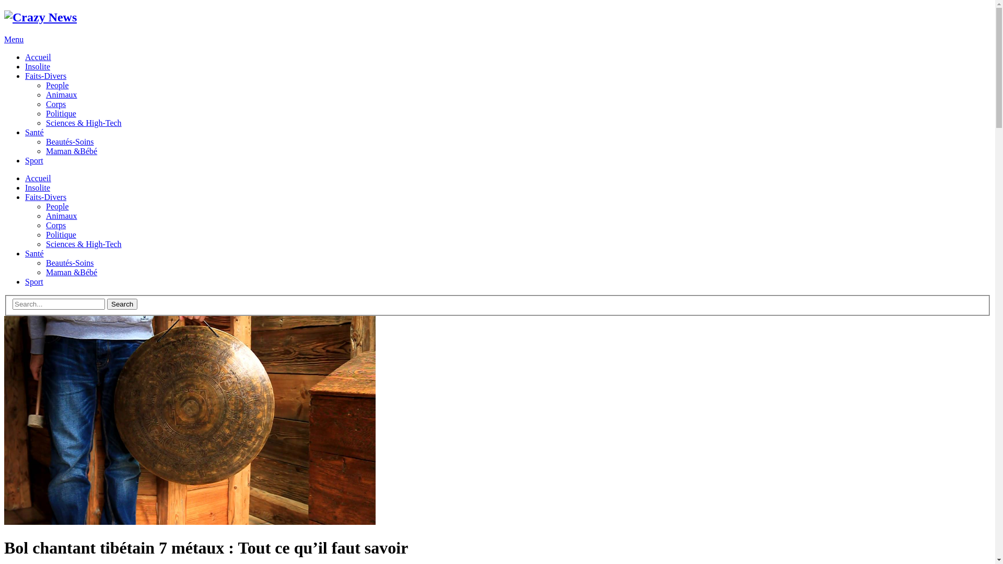 This screenshot has width=1003, height=564. Describe the element at coordinates (14, 39) in the screenshot. I see `'Menu'` at that location.